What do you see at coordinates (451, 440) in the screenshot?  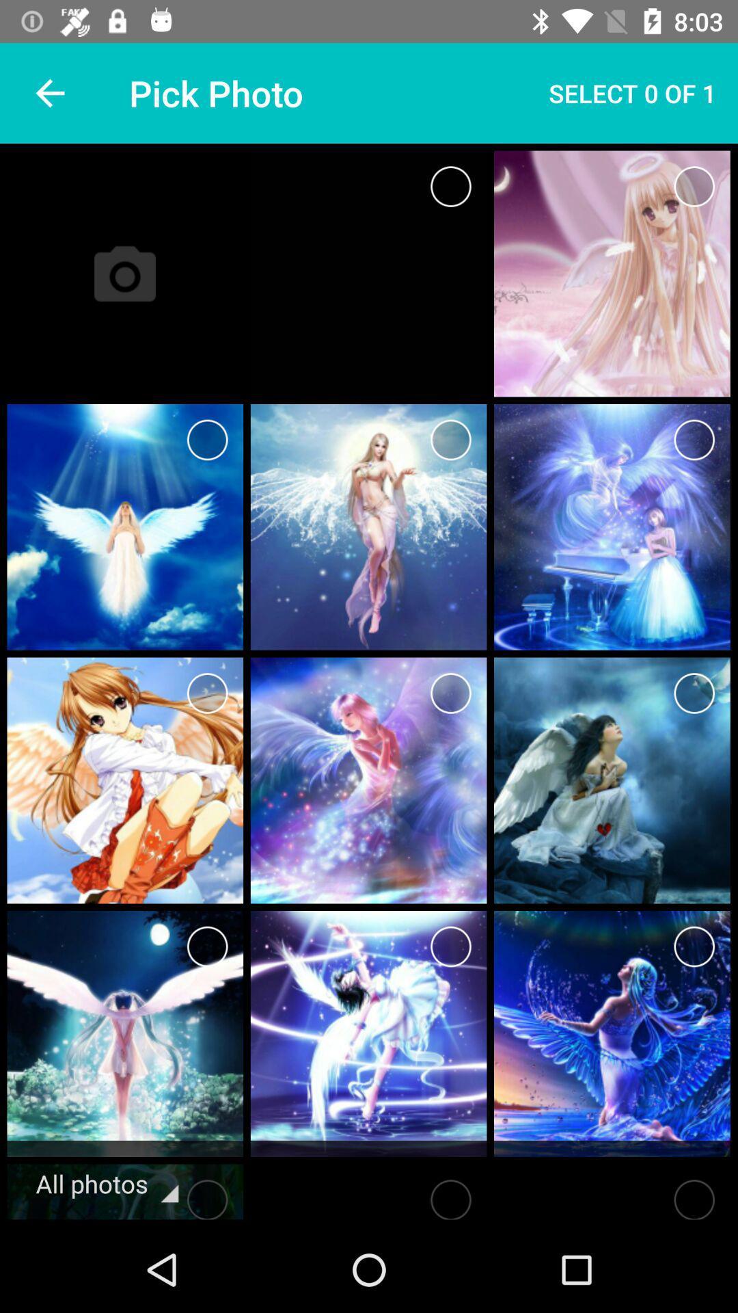 I see `the circle sign which is in from the top 4th image in center` at bounding box center [451, 440].